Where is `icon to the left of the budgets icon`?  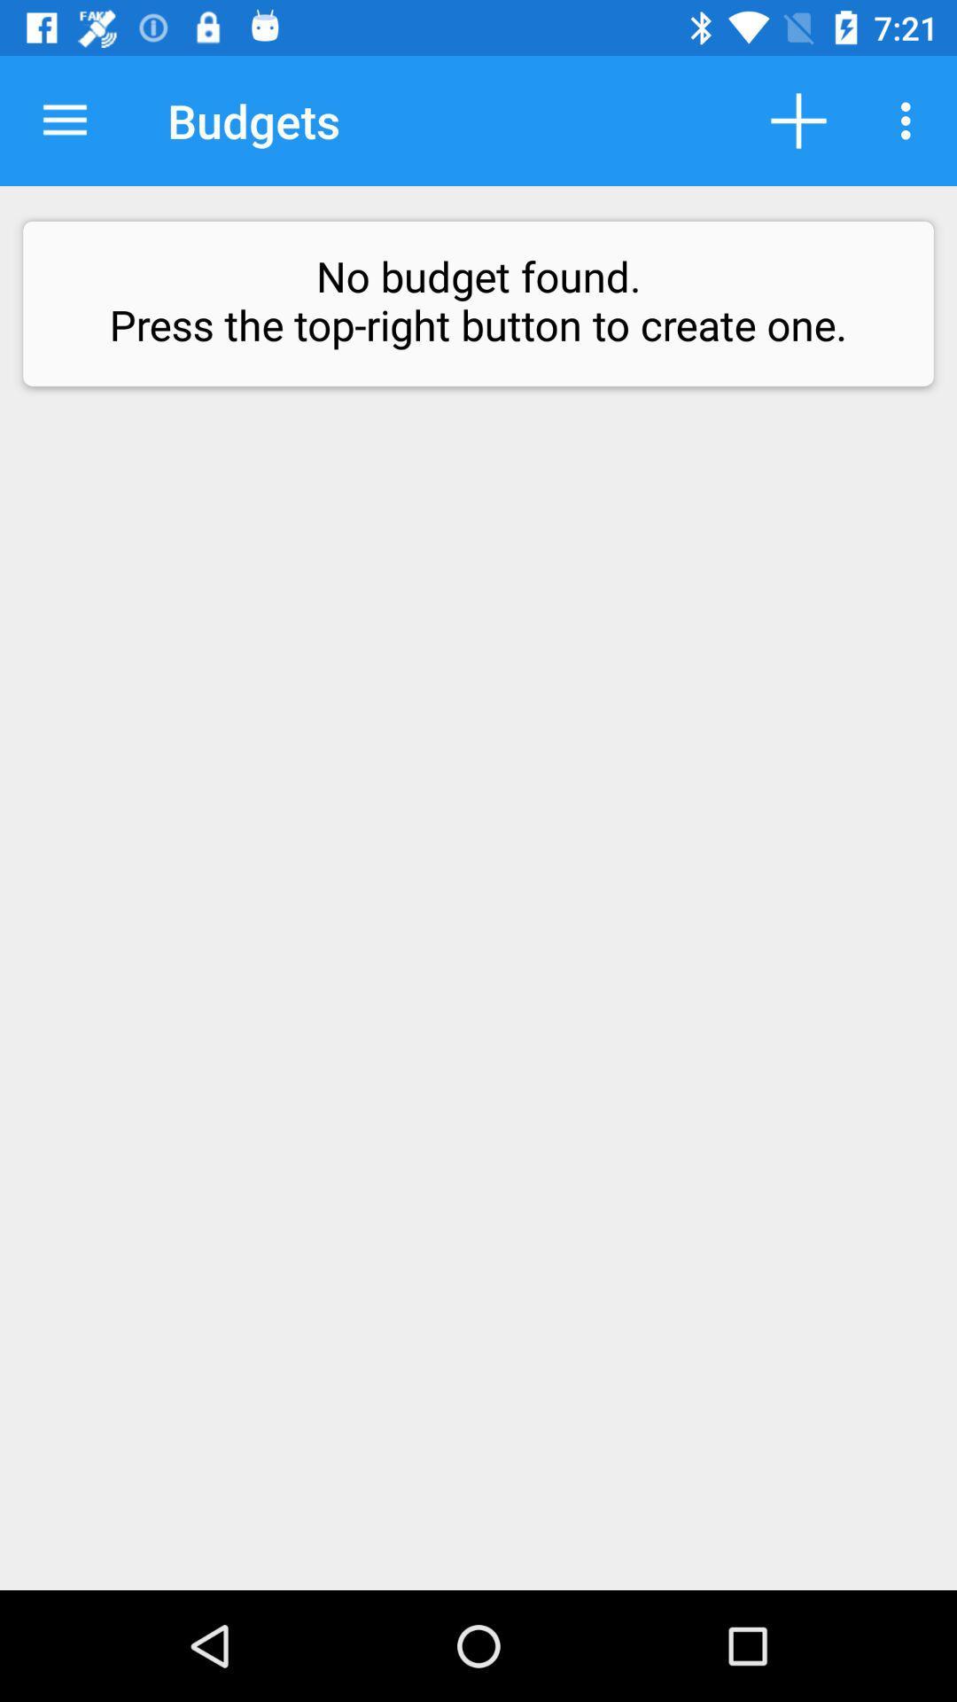
icon to the left of the budgets icon is located at coordinates (64, 120).